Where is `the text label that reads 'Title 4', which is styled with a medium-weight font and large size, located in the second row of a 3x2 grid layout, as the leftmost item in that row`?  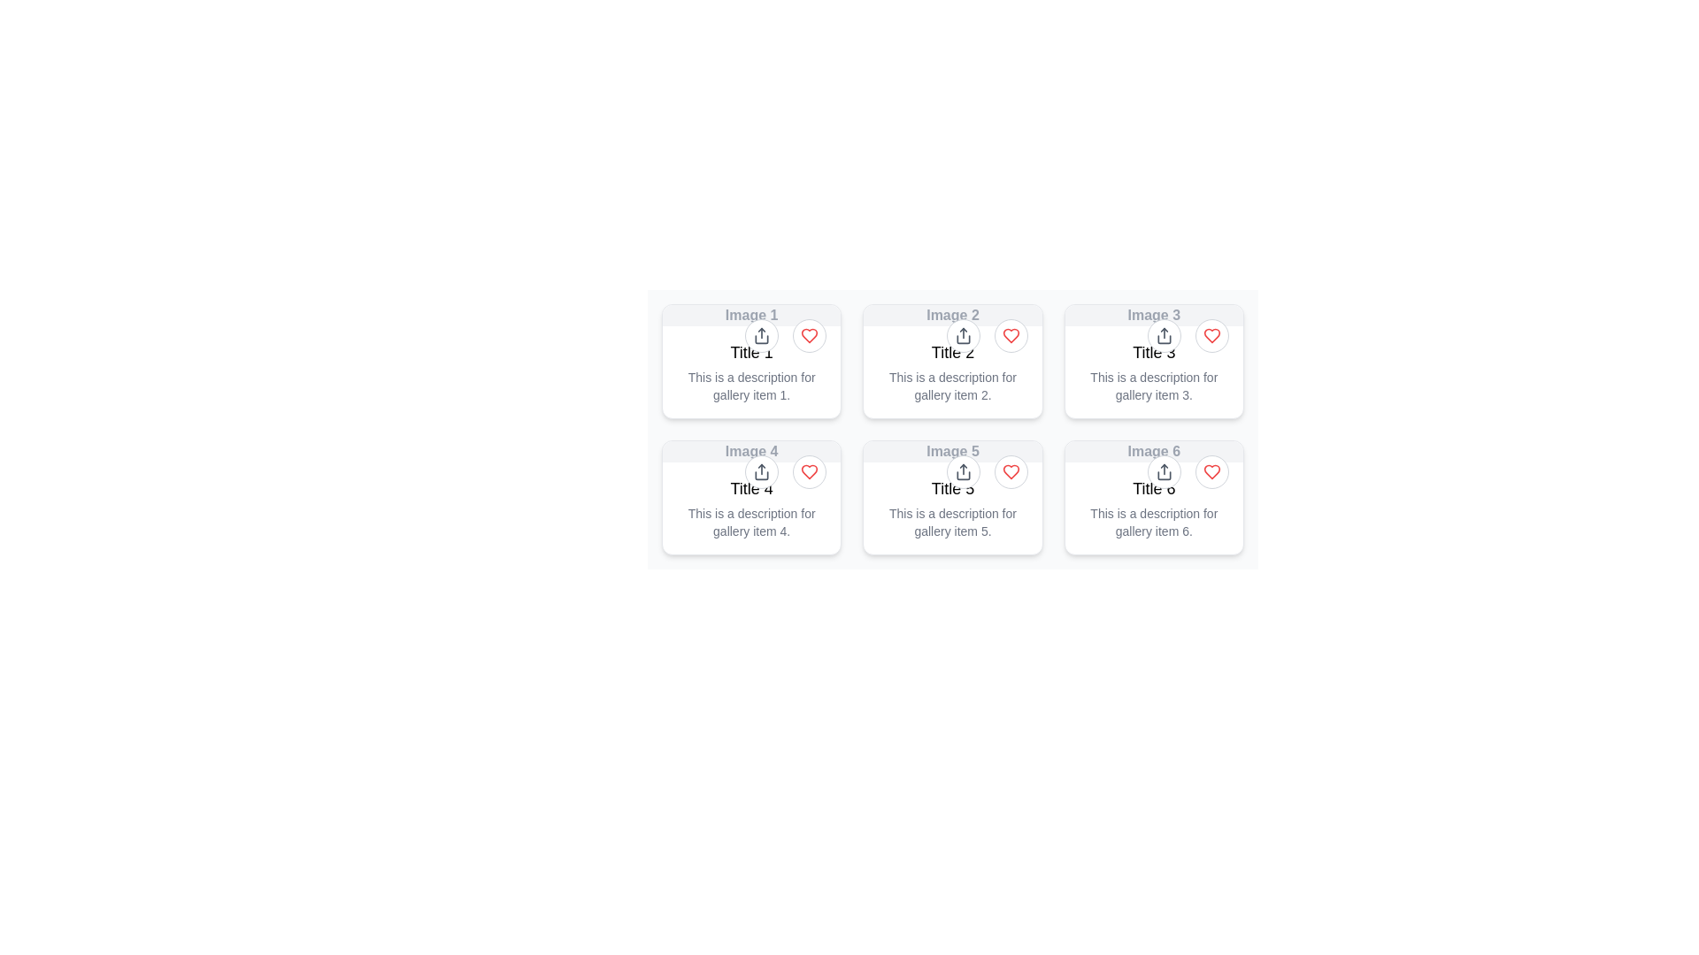
the text label that reads 'Title 4', which is styled with a medium-weight font and large size, located in the second row of a 3x2 grid layout, as the leftmost item in that row is located at coordinates (751, 488).